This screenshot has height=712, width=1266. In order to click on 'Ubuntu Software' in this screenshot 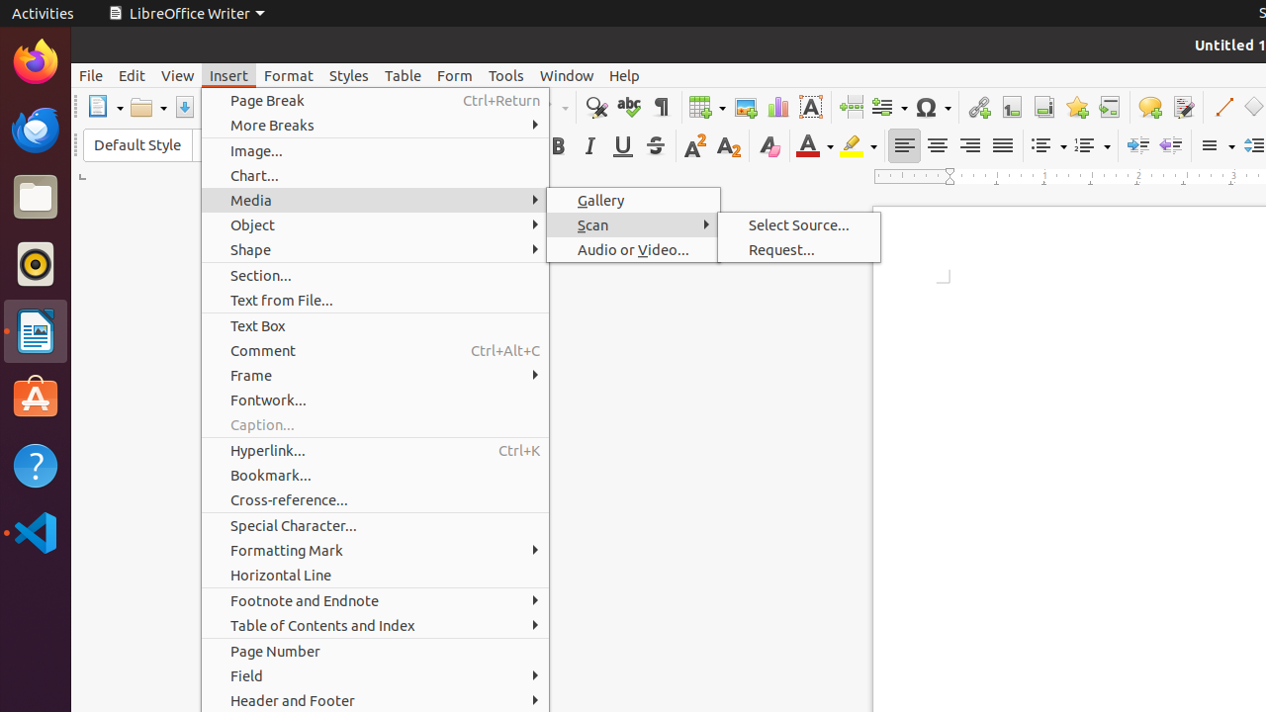, I will do `click(35, 399)`.